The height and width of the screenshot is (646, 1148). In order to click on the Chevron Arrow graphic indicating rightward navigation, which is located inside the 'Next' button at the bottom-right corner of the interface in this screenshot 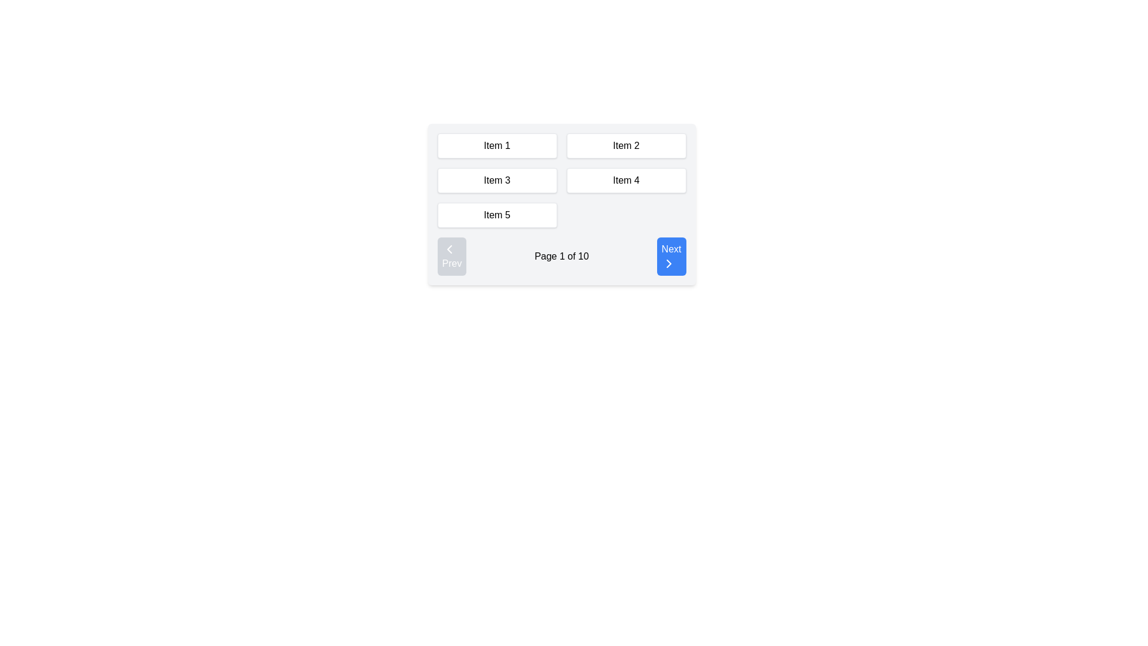, I will do `click(668, 263)`.